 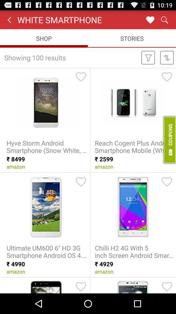 What do you see at coordinates (150, 21) in the screenshot?
I see `the favorite icon` at bounding box center [150, 21].